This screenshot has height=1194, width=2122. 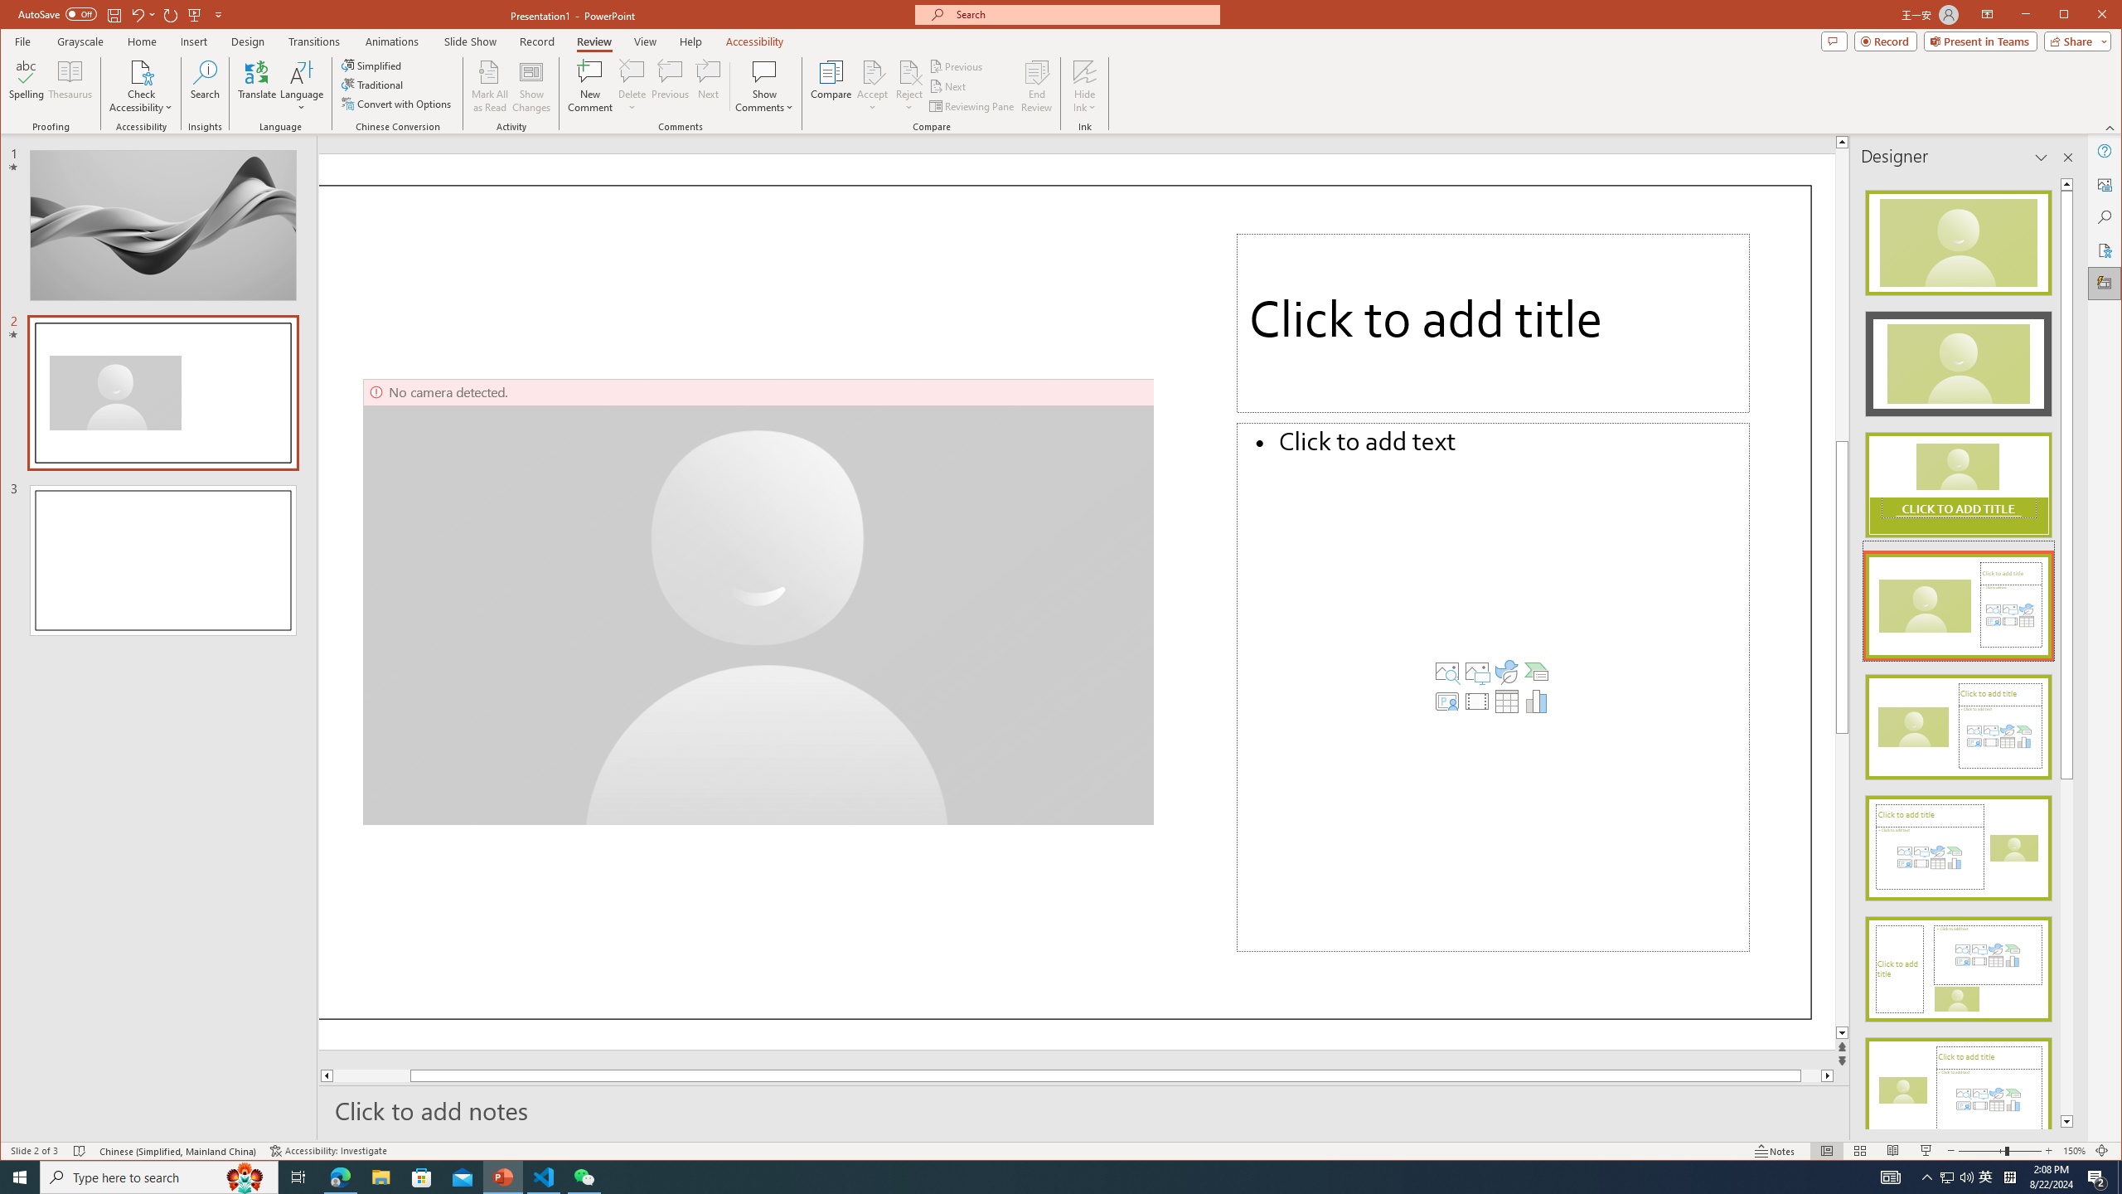 What do you see at coordinates (256, 85) in the screenshot?
I see `'Translate'` at bounding box center [256, 85].